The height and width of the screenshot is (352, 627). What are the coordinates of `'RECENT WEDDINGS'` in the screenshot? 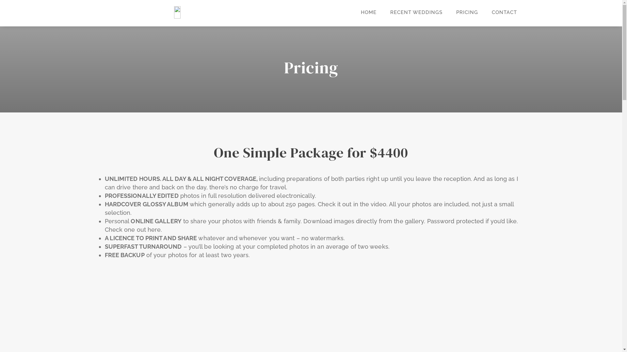 It's located at (415, 12).